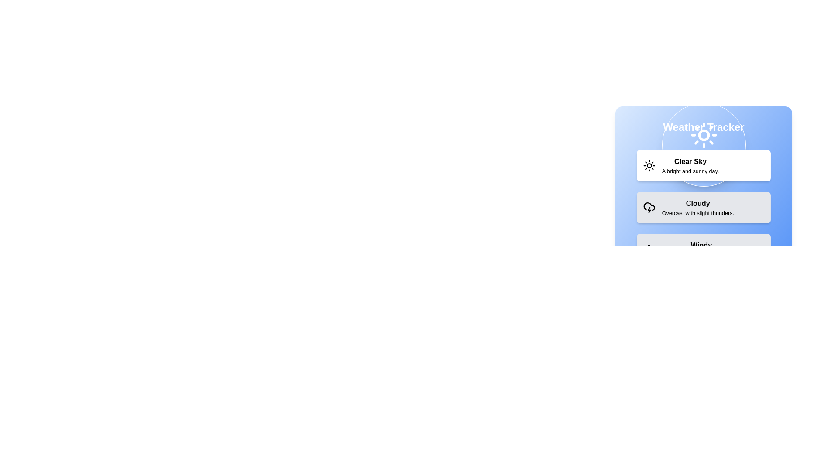 The width and height of the screenshot is (838, 471). What do you see at coordinates (649, 166) in the screenshot?
I see `the central core of the sun icon, which is part of a graphical representation and is positioned at the center of the circular design` at bounding box center [649, 166].